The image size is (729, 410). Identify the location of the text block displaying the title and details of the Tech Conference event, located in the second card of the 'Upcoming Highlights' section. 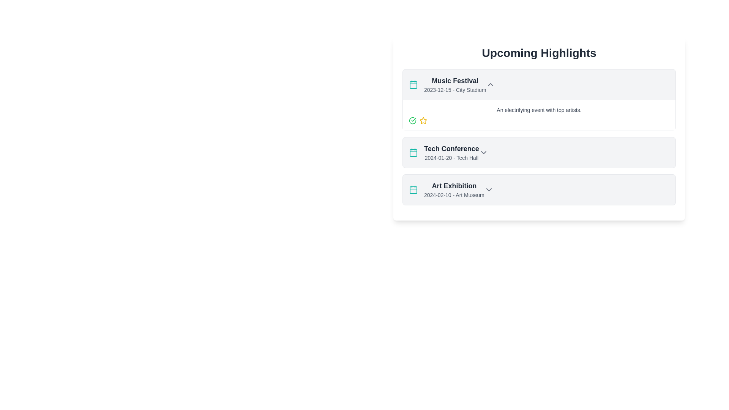
(451, 152).